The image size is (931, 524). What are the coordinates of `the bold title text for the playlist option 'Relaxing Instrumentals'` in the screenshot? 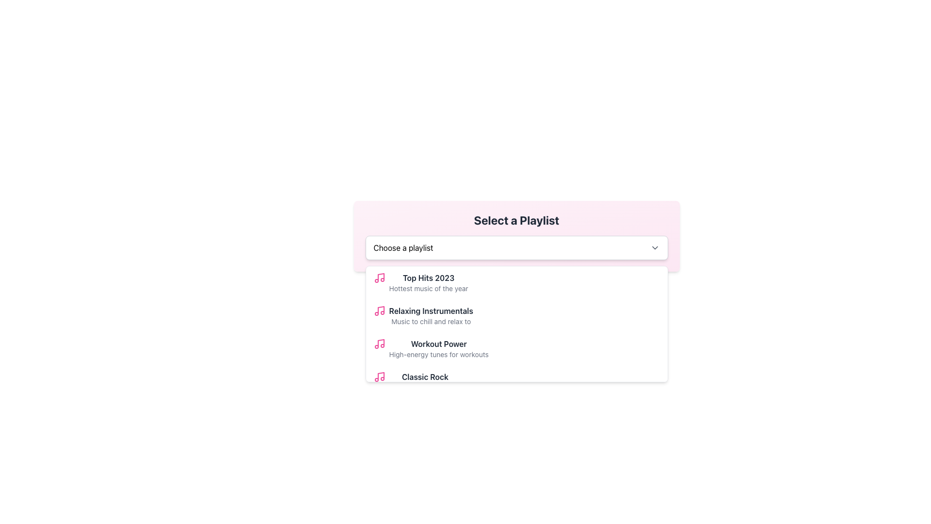 It's located at (430, 311).